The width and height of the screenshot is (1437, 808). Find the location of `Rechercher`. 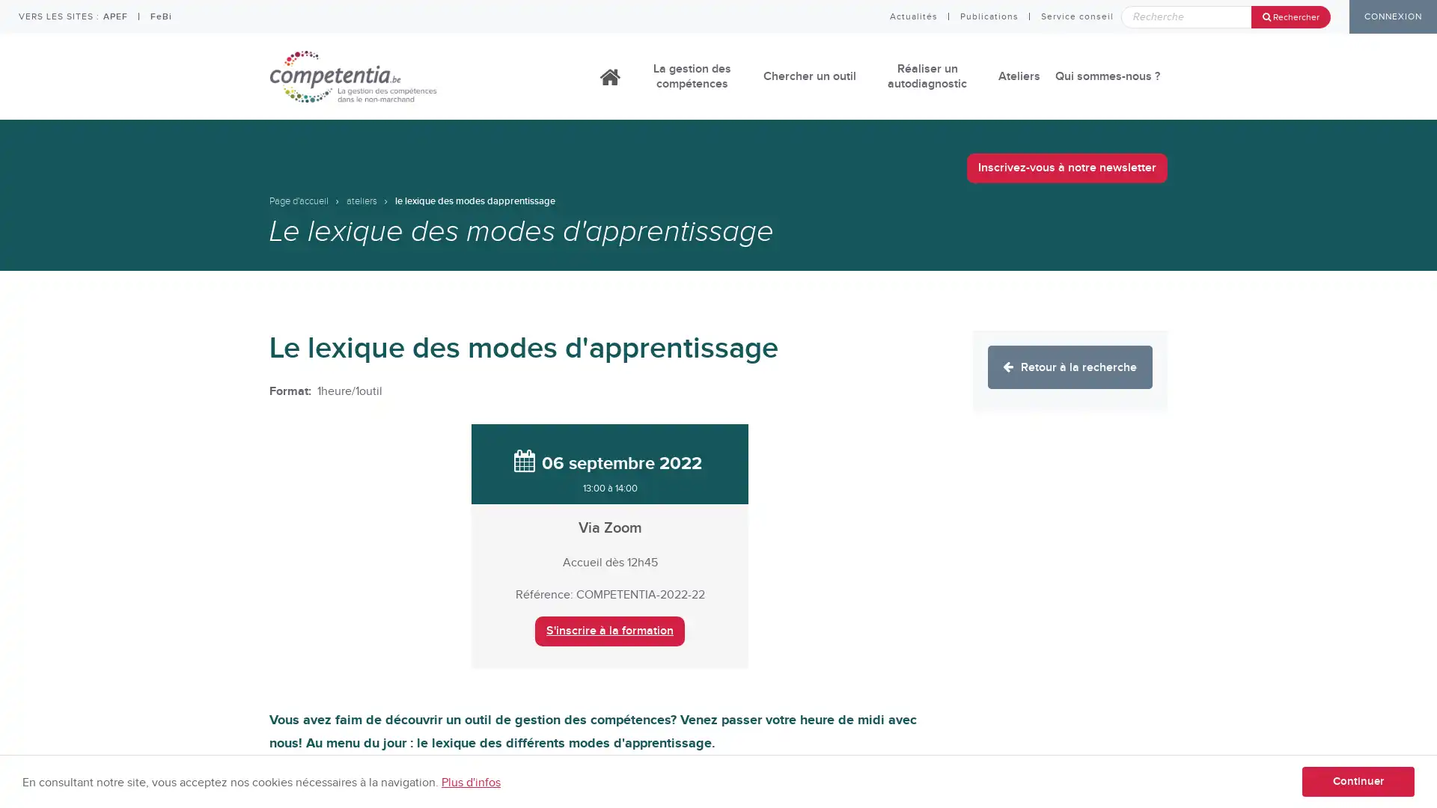

Rechercher is located at coordinates (1290, 16).